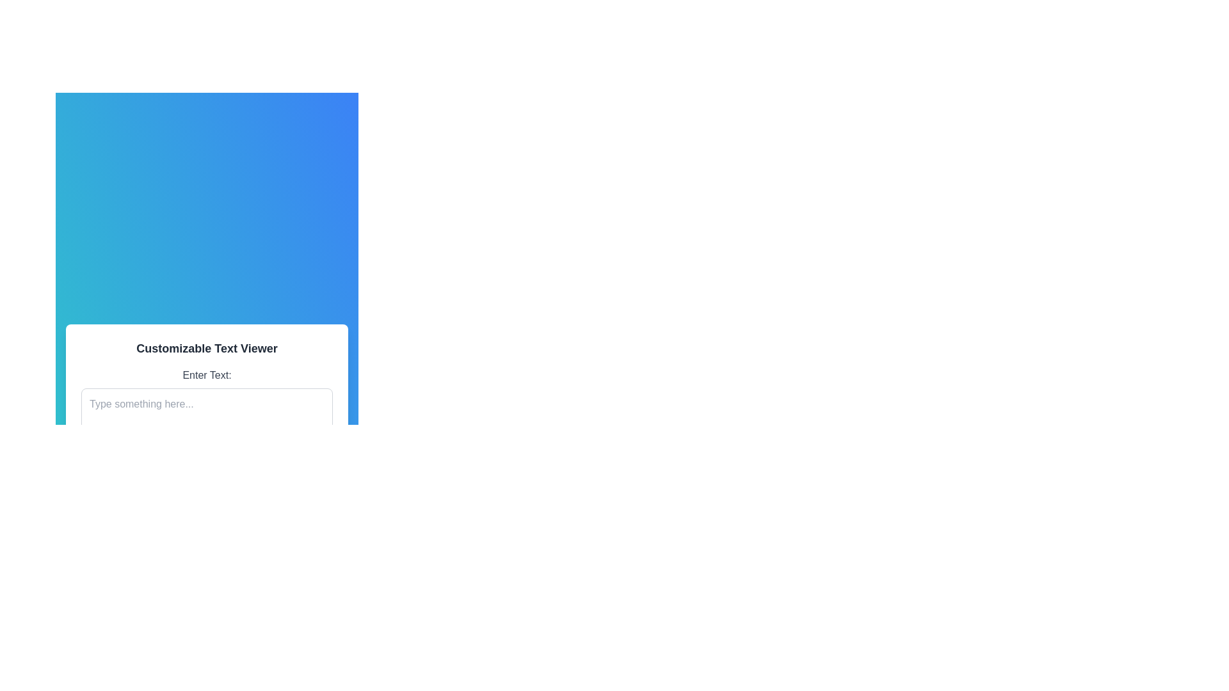 Image resolution: width=1229 pixels, height=691 pixels. Describe the element at coordinates (207, 374) in the screenshot. I see `text label located in the 'Customizable Text Viewer' section, positioned between the title and the adjacent input field` at that location.